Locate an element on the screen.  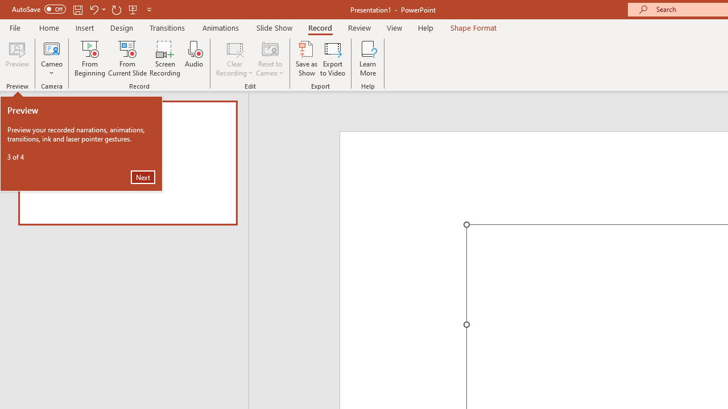
'Save as Show' is located at coordinates (307, 59).